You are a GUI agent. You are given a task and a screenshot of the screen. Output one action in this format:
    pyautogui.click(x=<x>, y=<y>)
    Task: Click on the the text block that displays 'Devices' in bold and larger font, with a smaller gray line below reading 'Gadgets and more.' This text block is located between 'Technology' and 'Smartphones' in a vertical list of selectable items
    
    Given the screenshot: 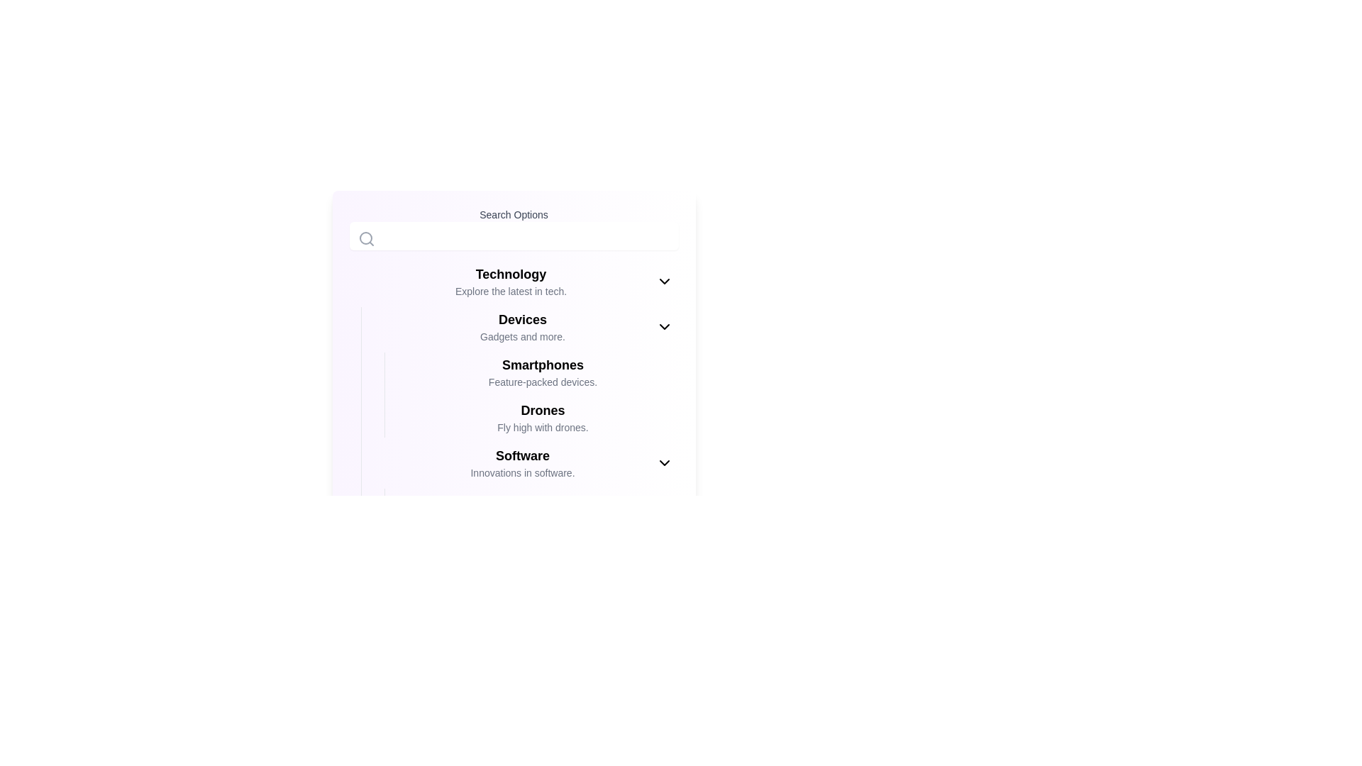 What is the action you would take?
    pyautogui.click(x=522, y=327)
    